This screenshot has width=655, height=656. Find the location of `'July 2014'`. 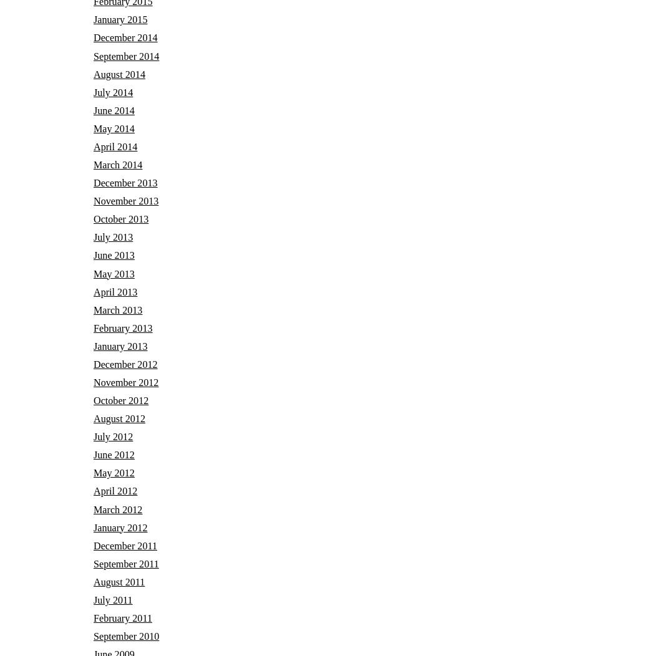

'July 2014' is located at coordinates (94, 91).